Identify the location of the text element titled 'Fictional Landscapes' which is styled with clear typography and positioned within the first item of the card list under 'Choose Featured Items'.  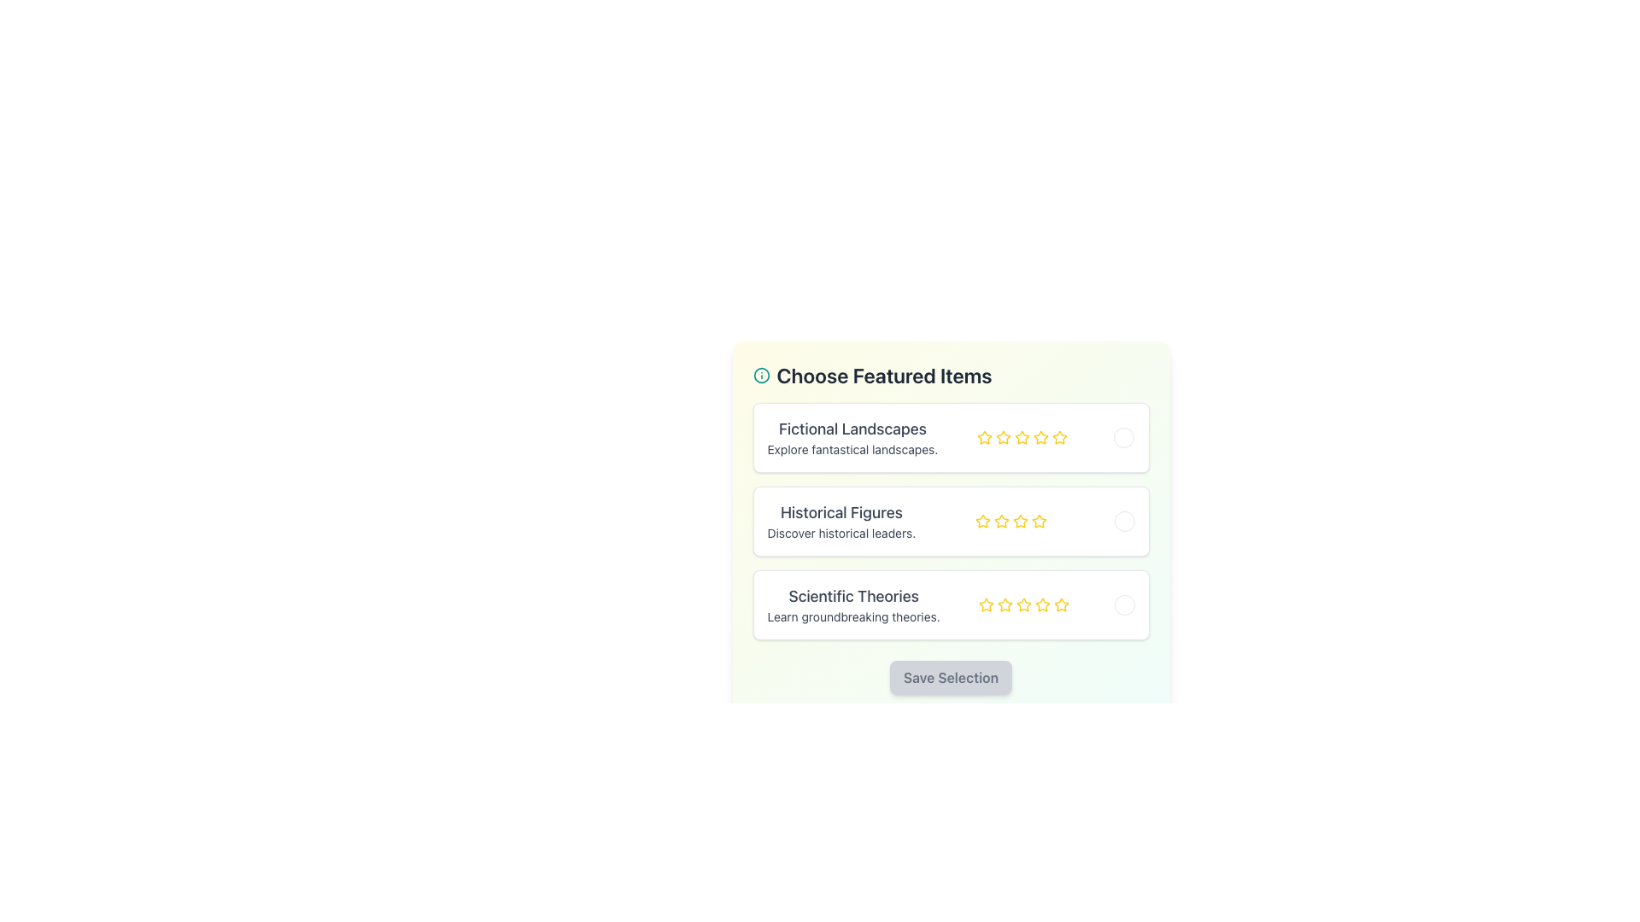
(852, 437).